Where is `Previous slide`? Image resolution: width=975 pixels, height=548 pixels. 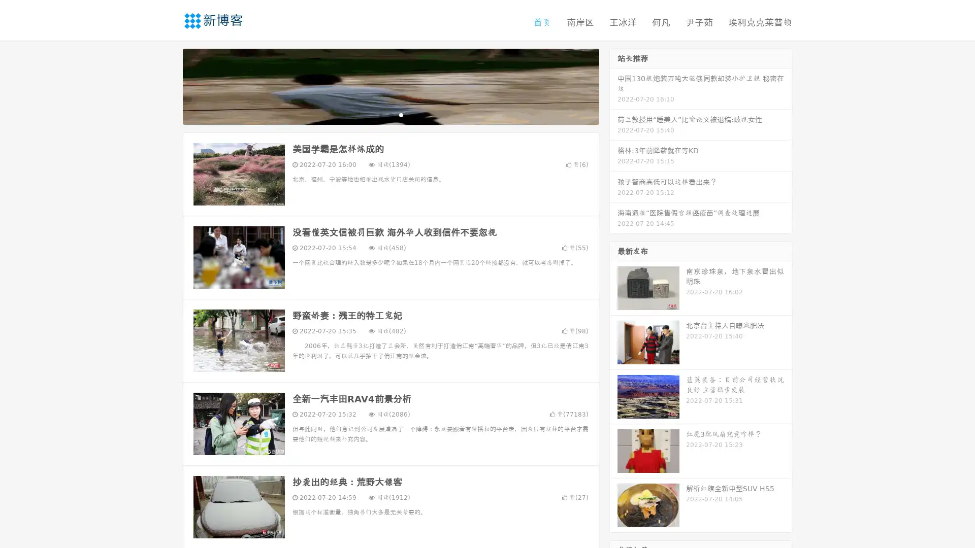
Previous slide is located at coordinates (168, 85).